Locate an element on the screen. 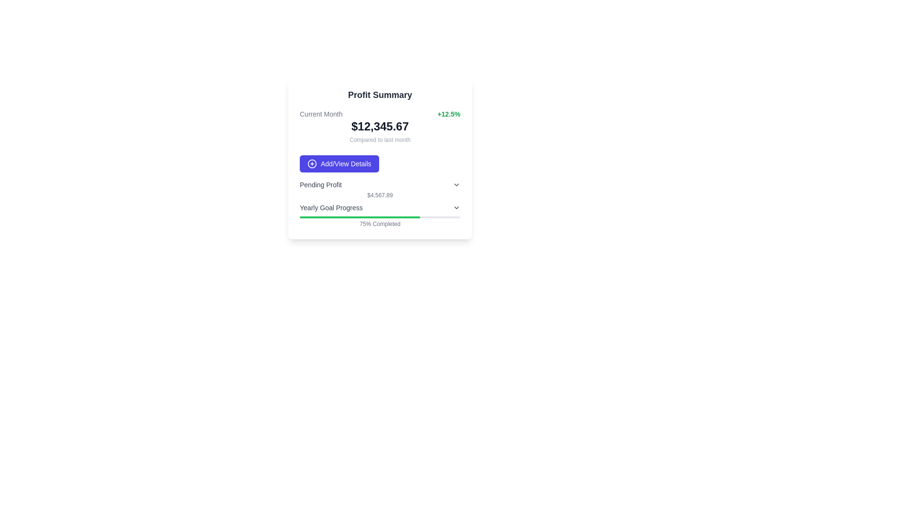 This screenshot has width=918, height=516. the 'Add/View Details' button with rounded corners and blue background for accessibility interactions is located at coordinates (339, 163).